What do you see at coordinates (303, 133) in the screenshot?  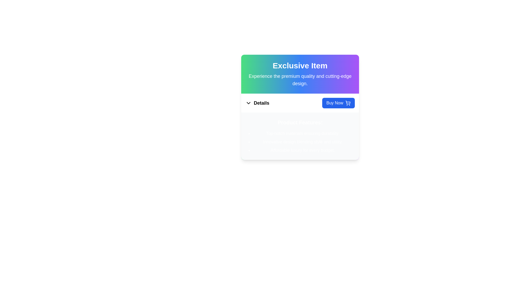 I see `the first bullet point in the 'Product Features' list that reads 'Top-notch materials ensuring durability.'` at bounding box center [303, 133].